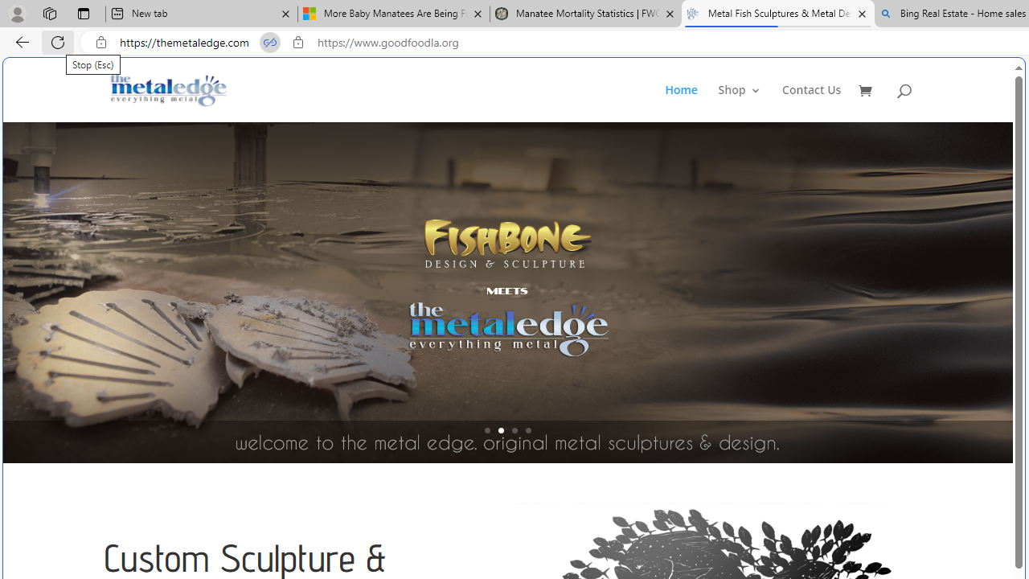 This screenshot has width=1029, height=579. I want to click on 'Shop 3', so click(739, 103).